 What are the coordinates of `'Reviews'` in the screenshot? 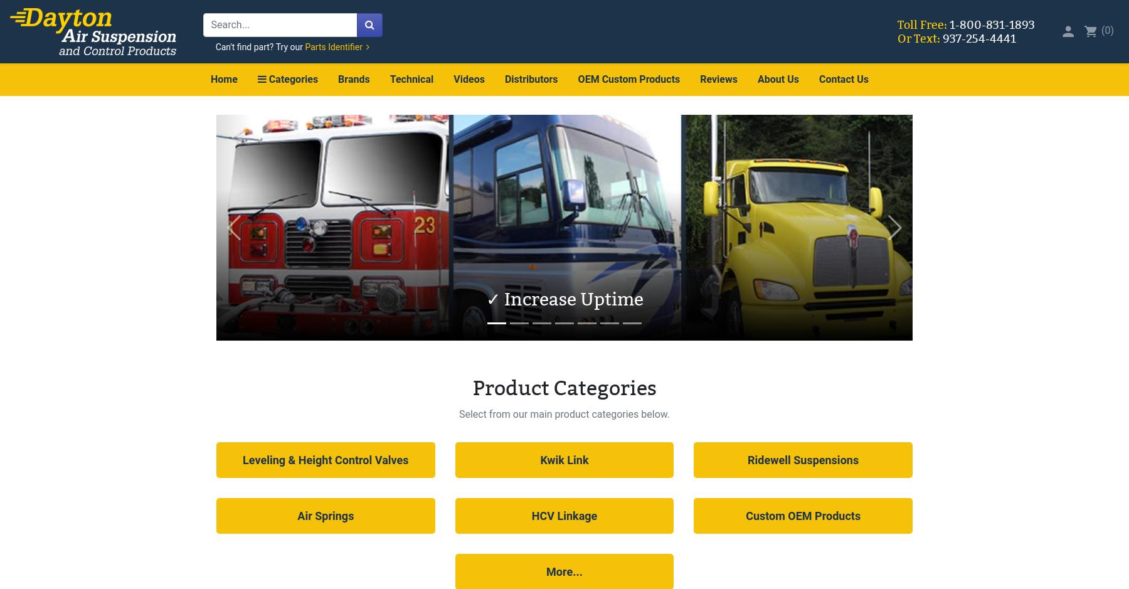 It's located at (718, 78).